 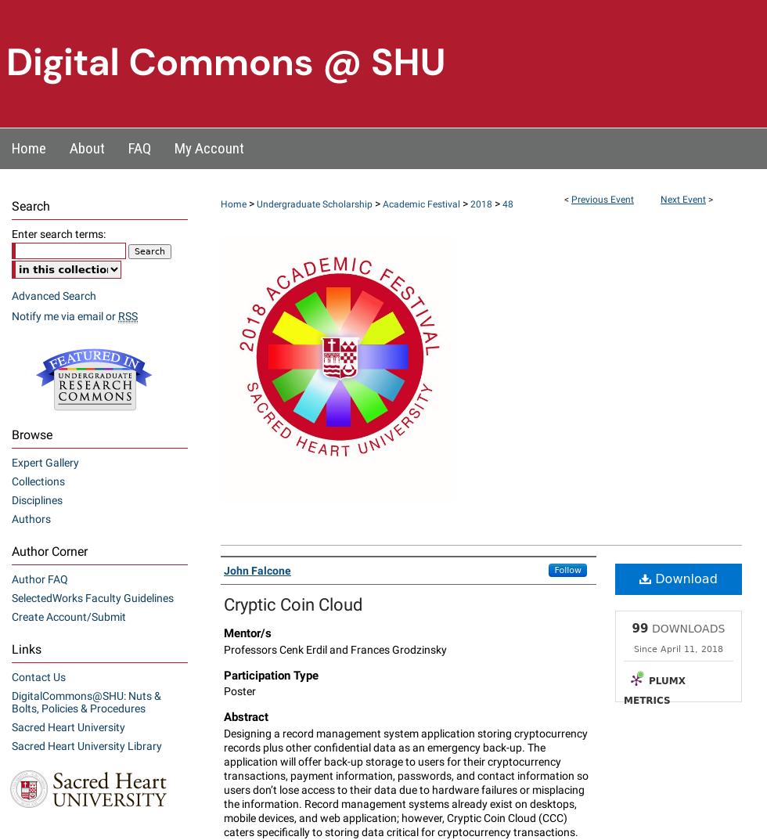 I want to click on 'Authors', so click(x=31, y=519).